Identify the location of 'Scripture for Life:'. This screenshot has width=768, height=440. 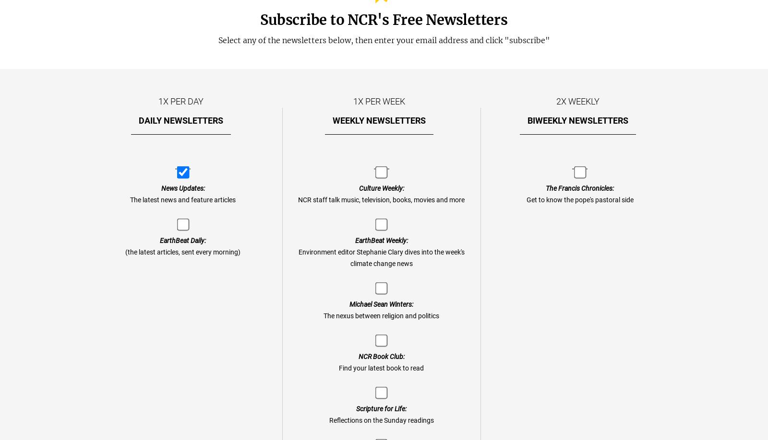
(381, 408).